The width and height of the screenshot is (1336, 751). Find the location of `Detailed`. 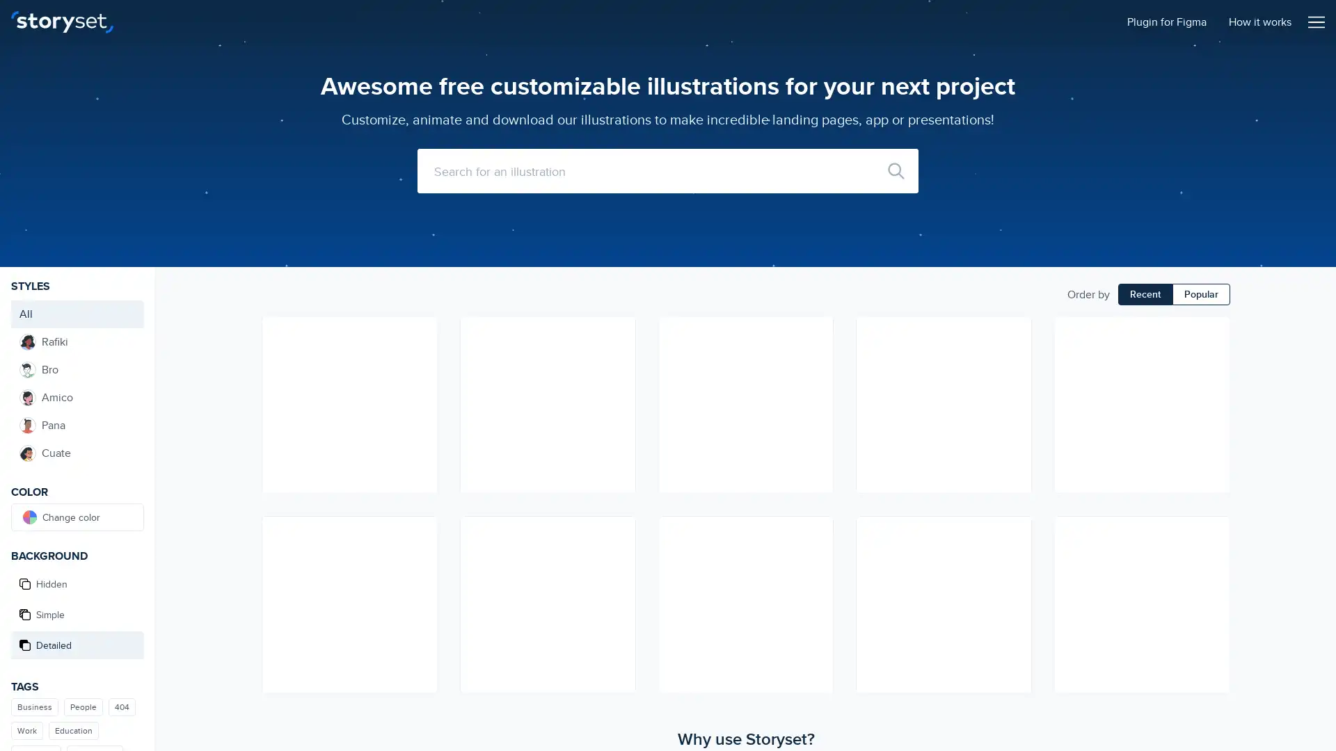

Detailed is located at coordinates (77, 645).